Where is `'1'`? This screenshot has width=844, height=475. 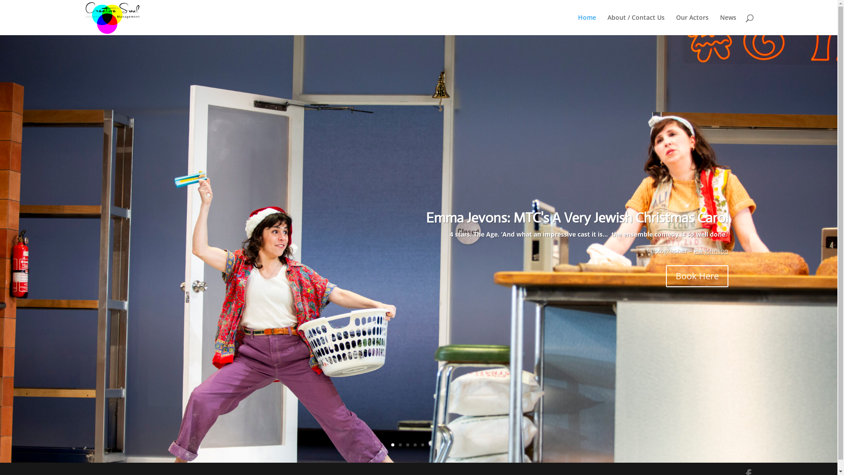
'1' is located at coordinates (392, 445).